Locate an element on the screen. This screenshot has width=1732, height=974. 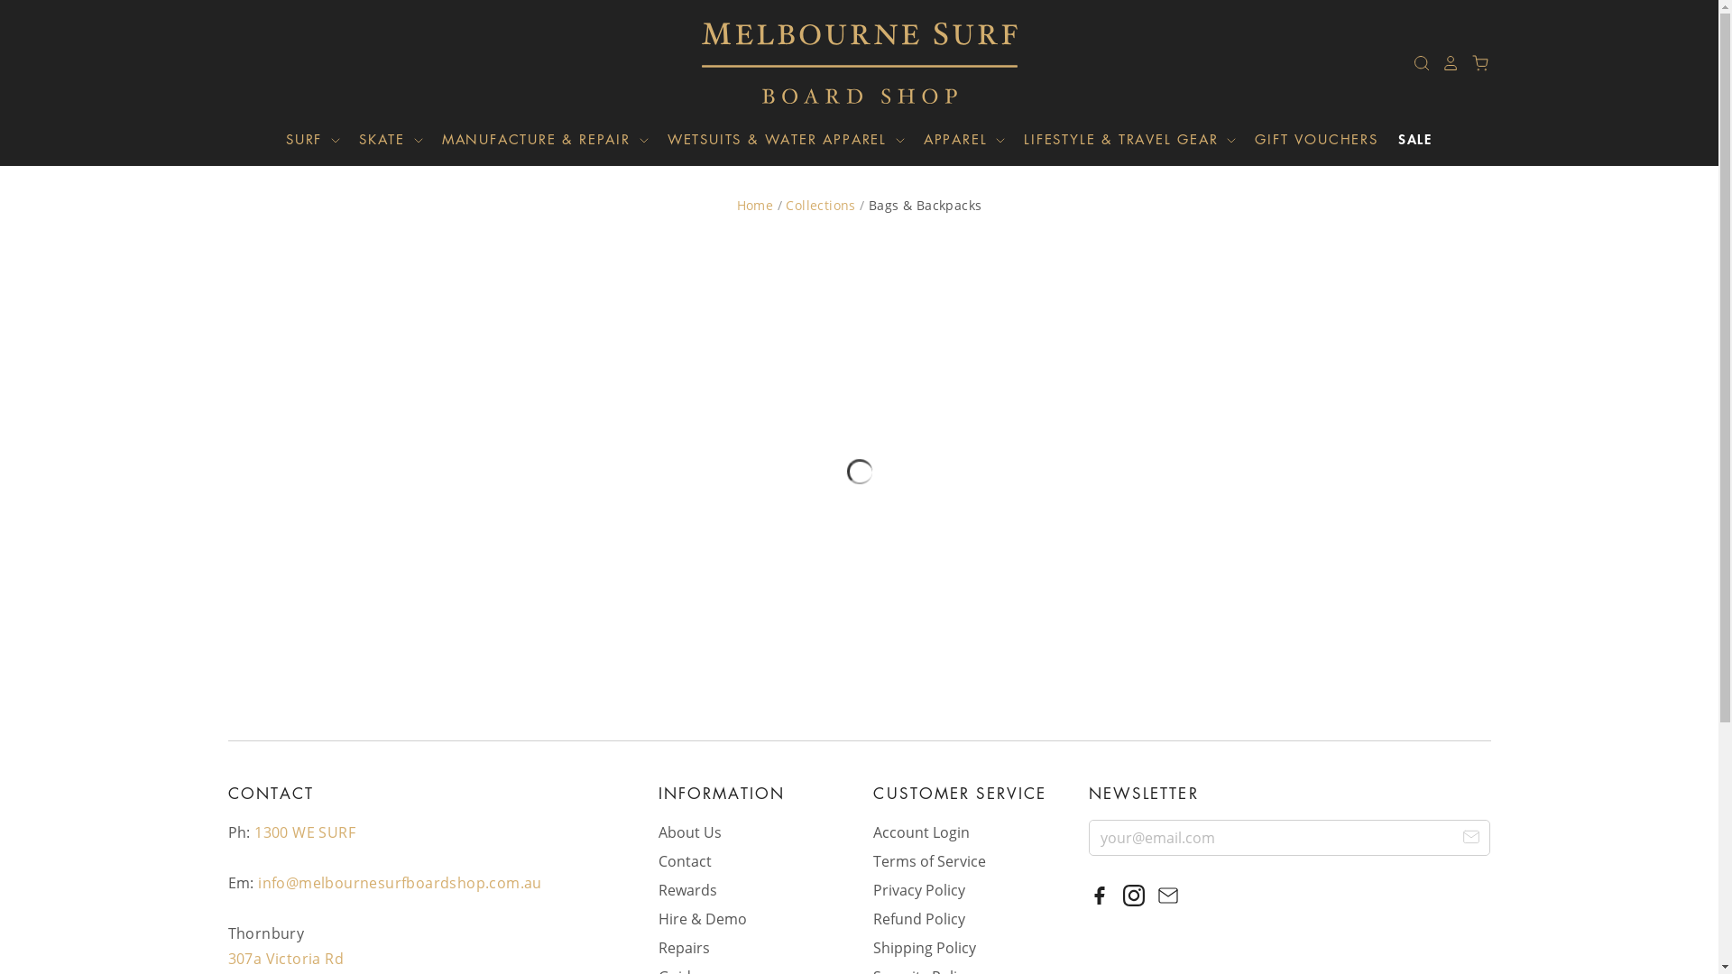
'Contact' is located at coordinates (684, 860).